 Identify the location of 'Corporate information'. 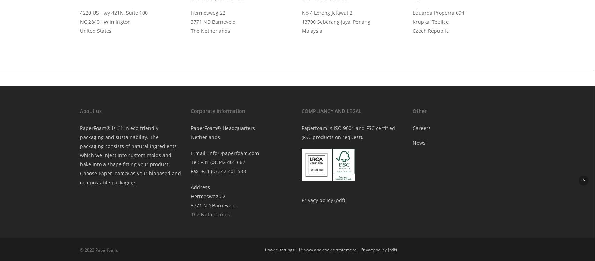
(190, 110).